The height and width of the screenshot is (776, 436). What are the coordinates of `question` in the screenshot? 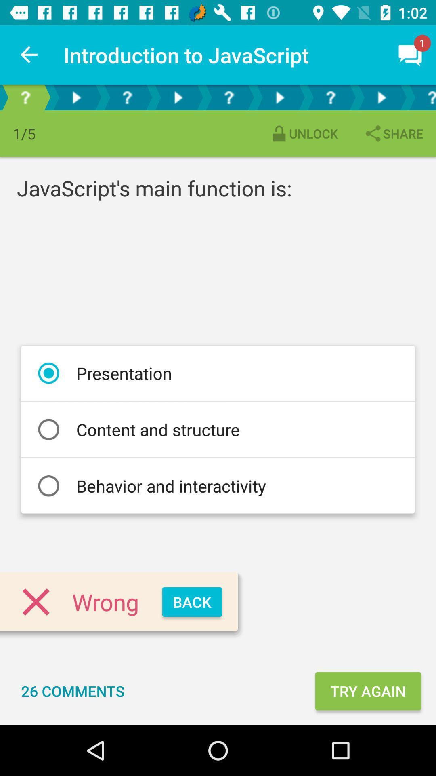 It's located at (421, 97).